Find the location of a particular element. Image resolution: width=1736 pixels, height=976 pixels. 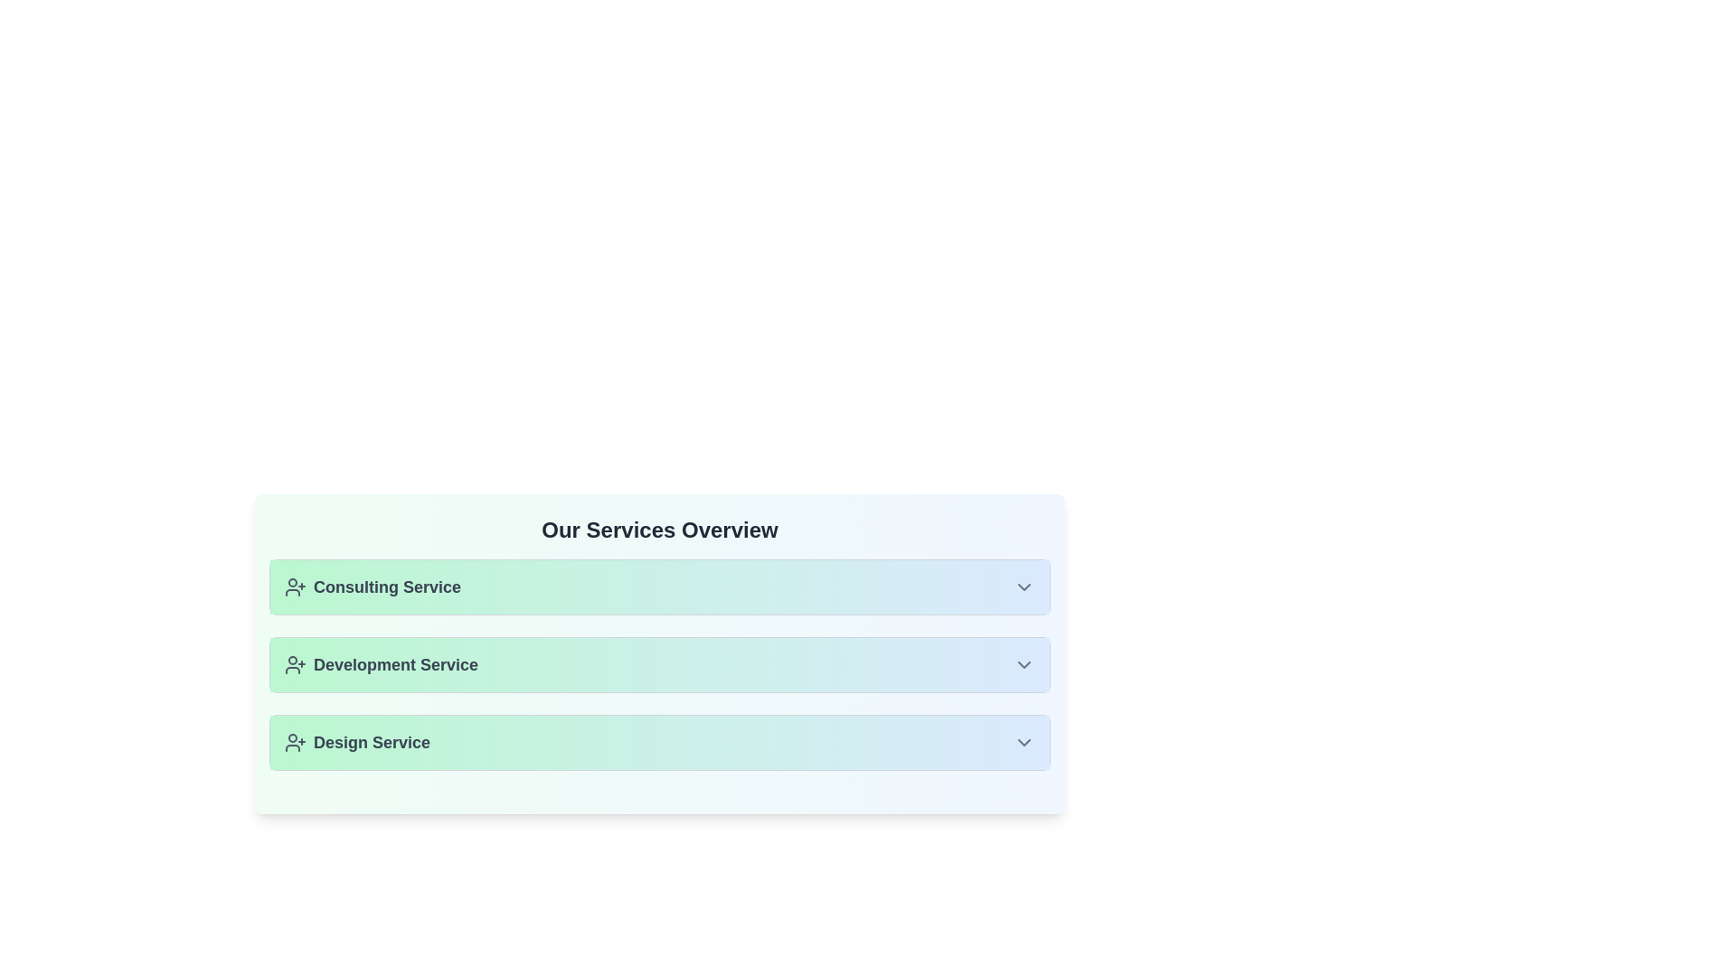

the static text element displaying 'Development Service' which is accompanied by a user-plus icon and is the second item in a vertical list is located at coordinates (381, 665).